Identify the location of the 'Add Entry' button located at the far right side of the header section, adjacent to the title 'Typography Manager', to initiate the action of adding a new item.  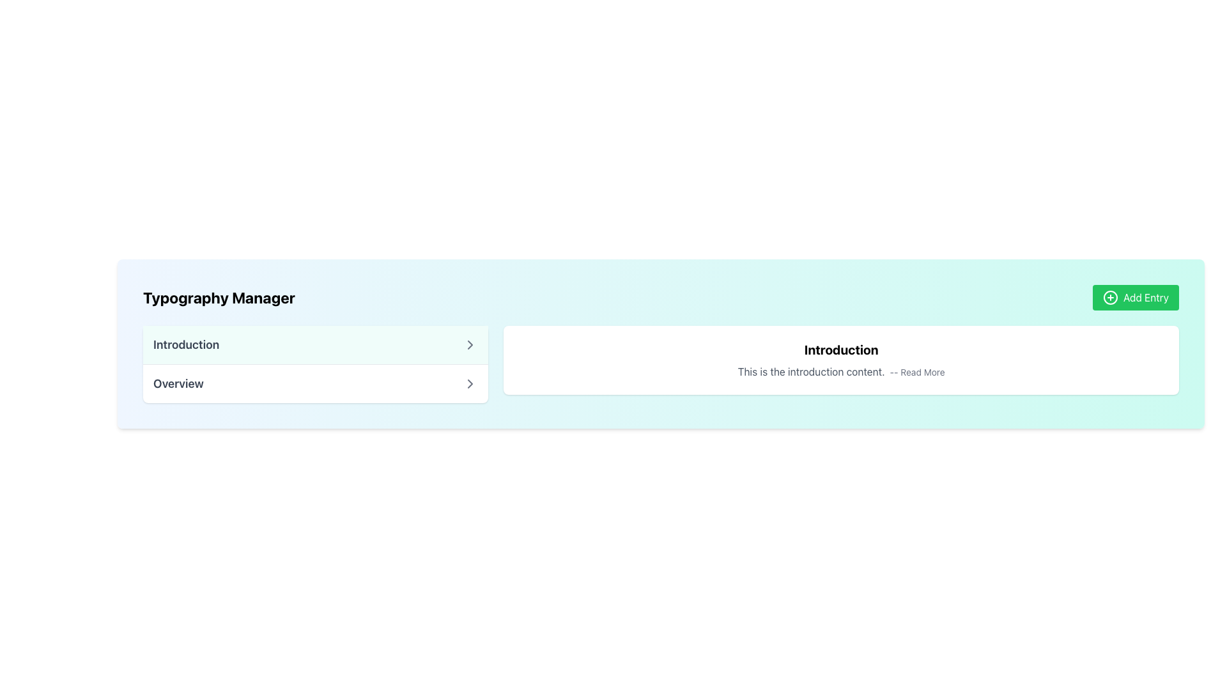
(1136, 298).